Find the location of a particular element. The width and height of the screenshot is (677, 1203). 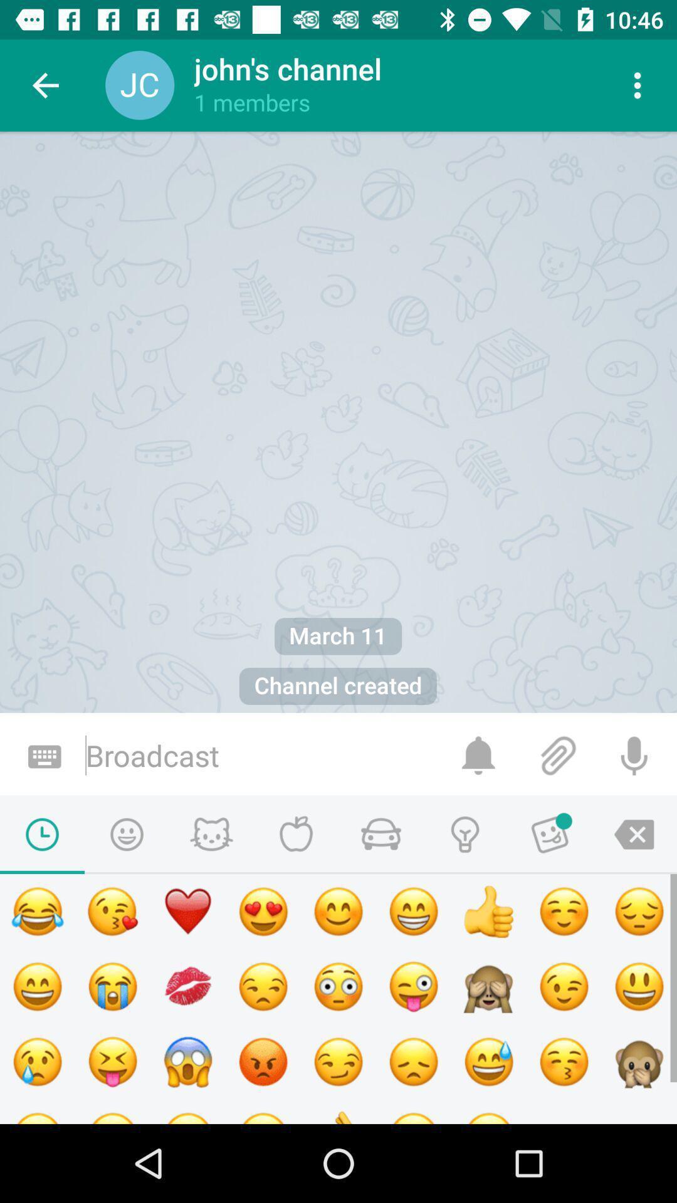

the emoji icon is located at coordinates (37, 986).